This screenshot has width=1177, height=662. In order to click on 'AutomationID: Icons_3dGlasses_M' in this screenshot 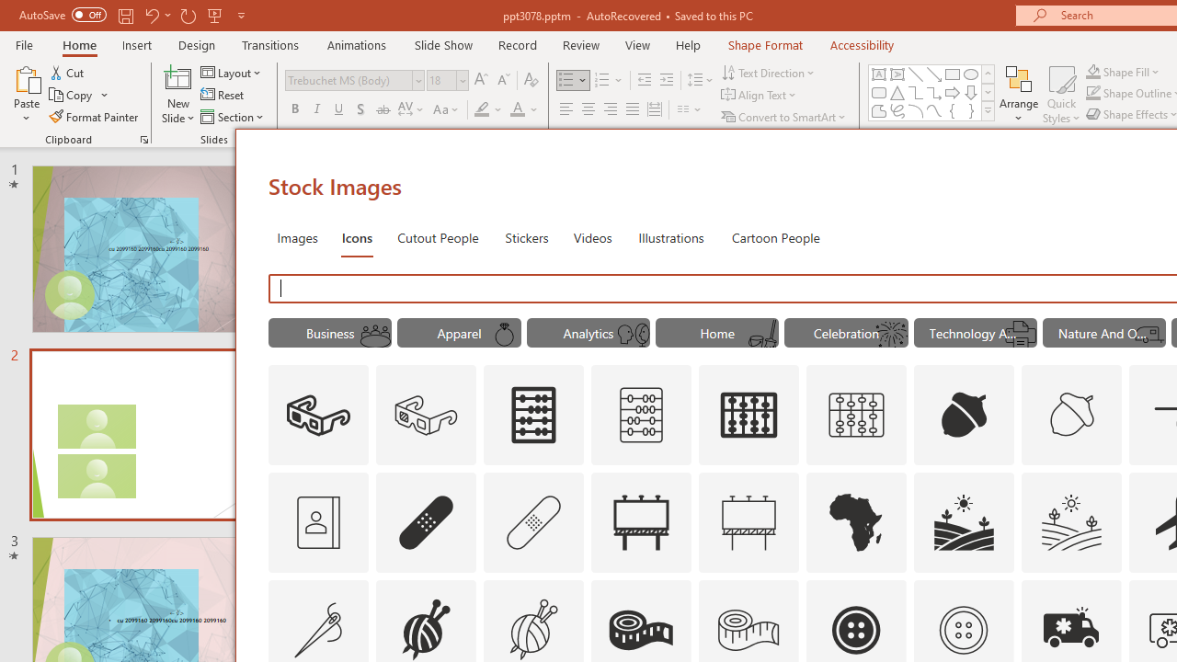, I will do `click(426, 416)`.